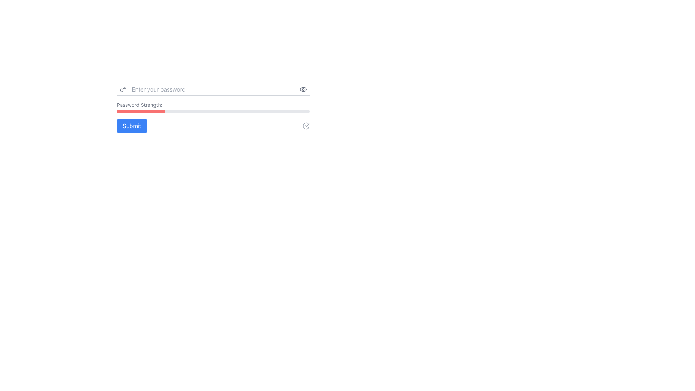  What do you see at coordinates (303, 89) in the screenshot?
I see `the Interactive icon` at bounding box center [303, 89].